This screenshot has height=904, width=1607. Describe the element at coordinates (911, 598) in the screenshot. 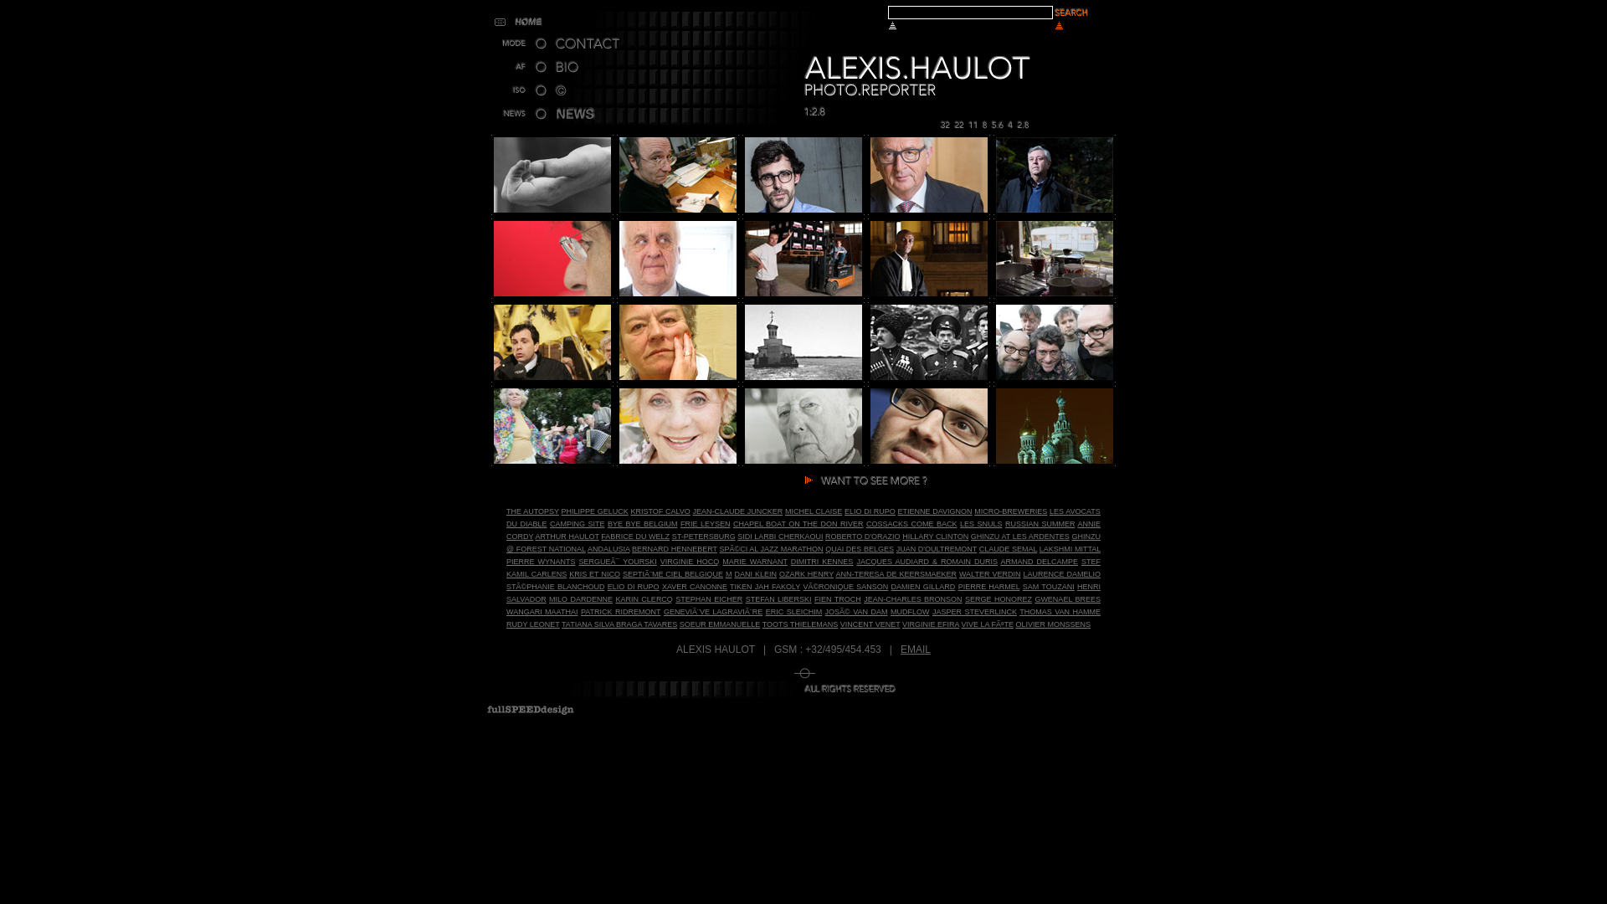

I see `'JEAN-CHARLES BRONSON'` at that location.